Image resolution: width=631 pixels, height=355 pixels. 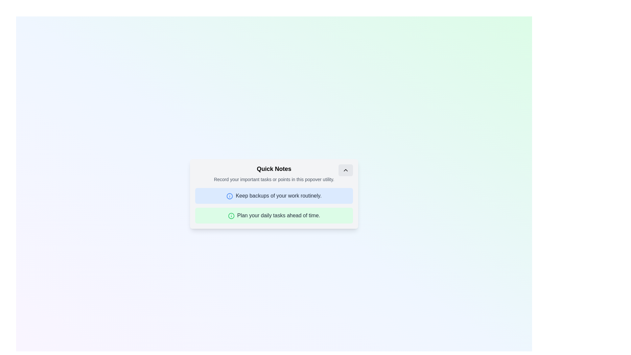 I want to click on the Text Display element located beneath the 'Quick Notes' title in the popover utility interface, so click(x=274, y=179).